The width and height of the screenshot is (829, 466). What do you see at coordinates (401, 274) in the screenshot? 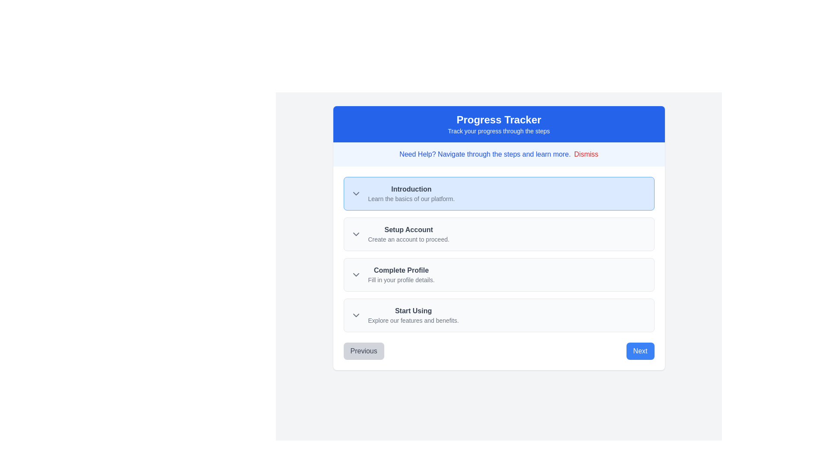
I see `the Text Display (Informative Label) that states 'Complete Profile' in bold dark gray and 'Fill in your profile details.' in a smaller light gray font, positioned in the Progress Tracker interface between 'Setup Account' and 'Start Using'` at bounding box center [401, 274].